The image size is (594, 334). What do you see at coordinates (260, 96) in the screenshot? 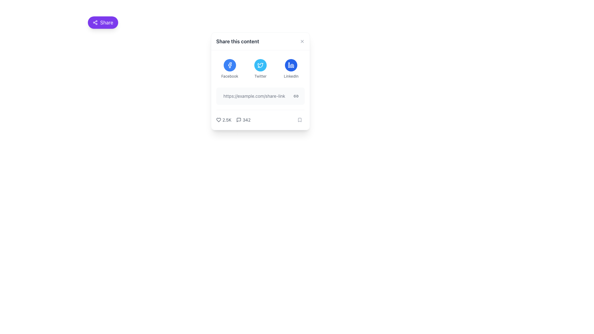
I see `the Copyable URL display with a link icon located centrally in the share modal` at bounding box center [260, 96].